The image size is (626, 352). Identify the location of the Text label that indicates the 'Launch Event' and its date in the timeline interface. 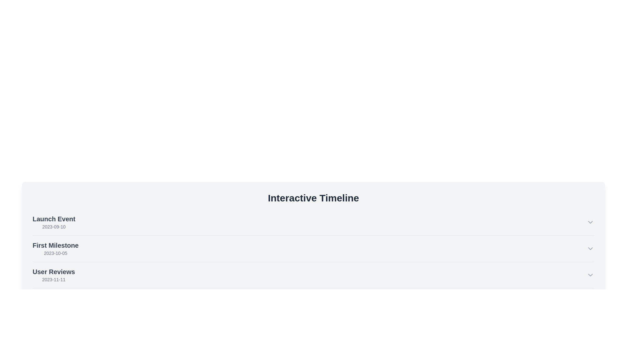
(54, 222).